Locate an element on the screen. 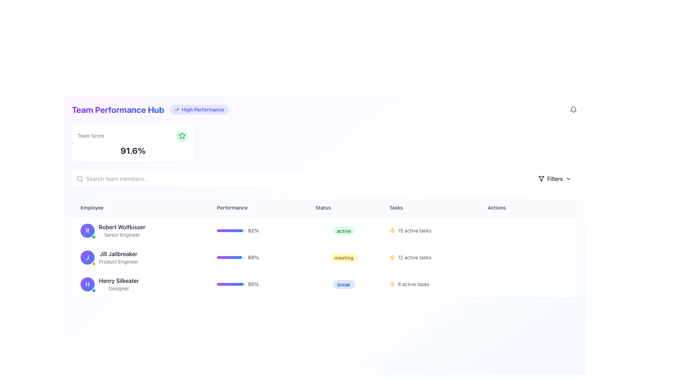  the text label displaying the name and job title of the individual, located in the second row under the 'Employee' column, directly below 'Robert Wolfkisser' and above 'Henry Silkeater', right of the circular avatar marked with 'J' is located at coordinates (118, 257).